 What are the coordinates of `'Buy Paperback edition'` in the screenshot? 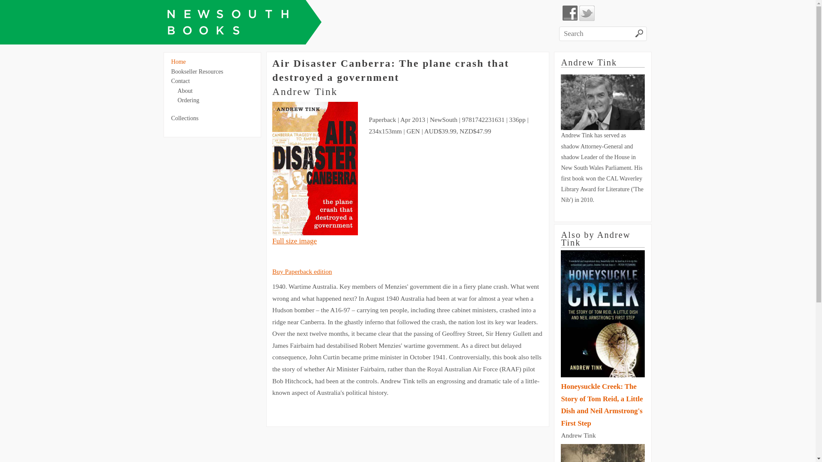 It's located at (302, 271).